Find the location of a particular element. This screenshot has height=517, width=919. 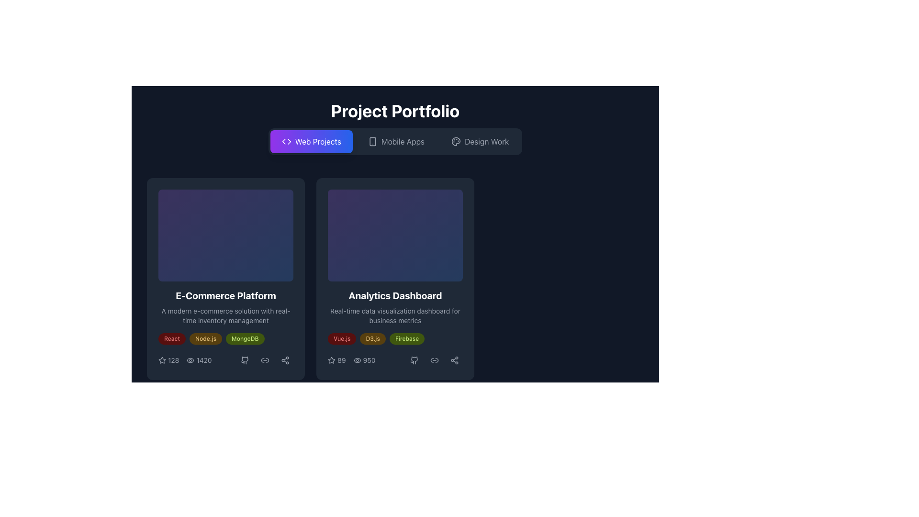

the small circular GitHub logo icon located in the bottom section of the 'E-Commerce Platform' card, positioned to the right of a numerical counter and to the left of a link icon is located at coordinates (245, 360).